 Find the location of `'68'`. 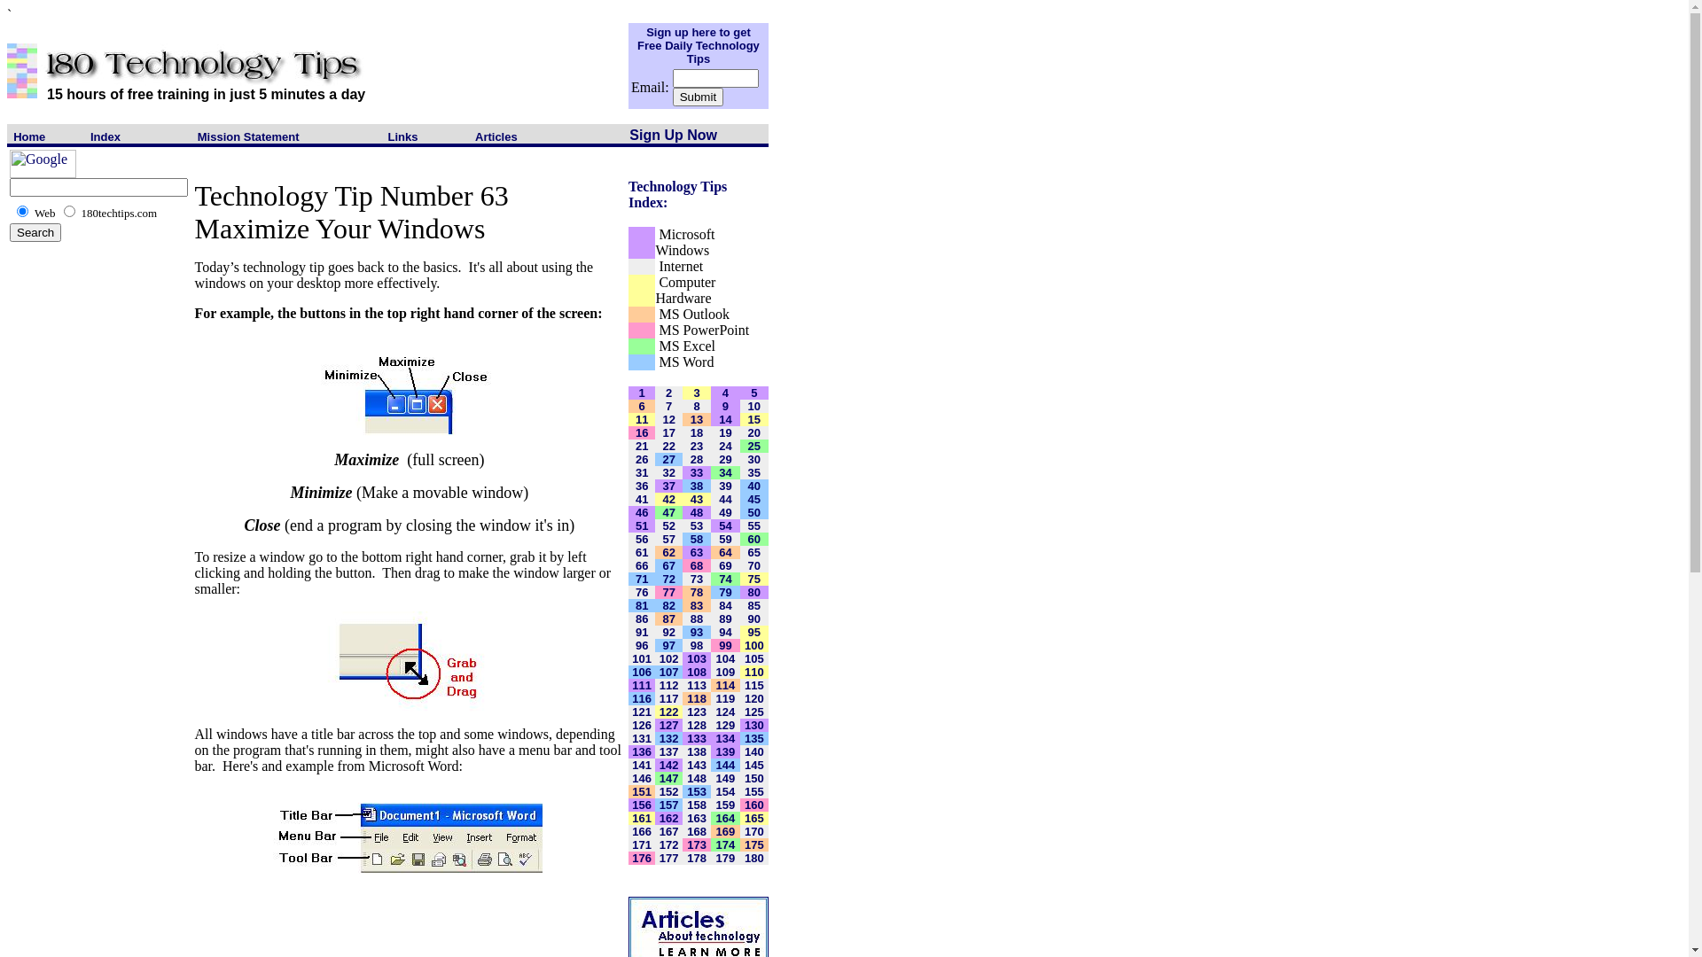

'68' is located at coordinates (696, 565).